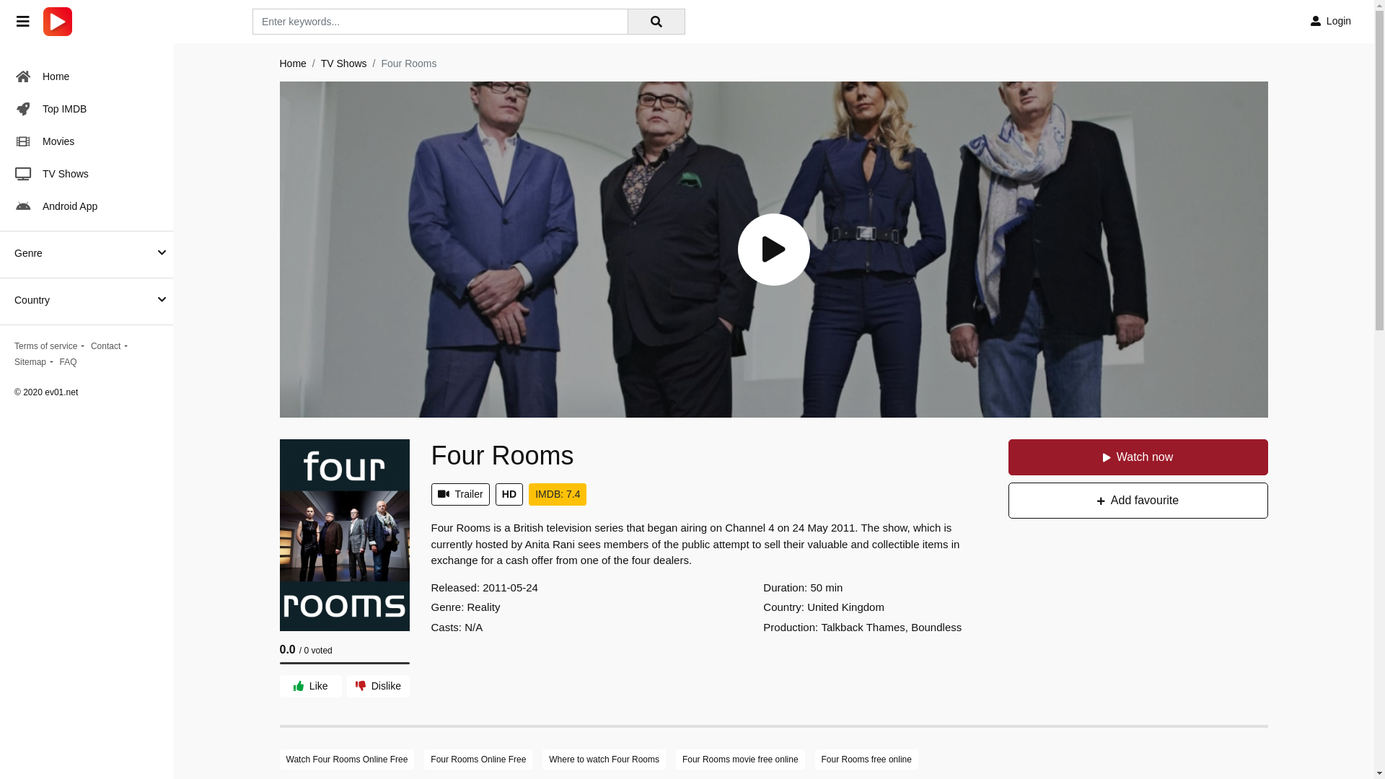 The width and height of the screenshot is (1385, 779). What do you see at coordinates (30, 361) in the screenshot?
I see `'Sitemap'` at bounding box center [30, 361].